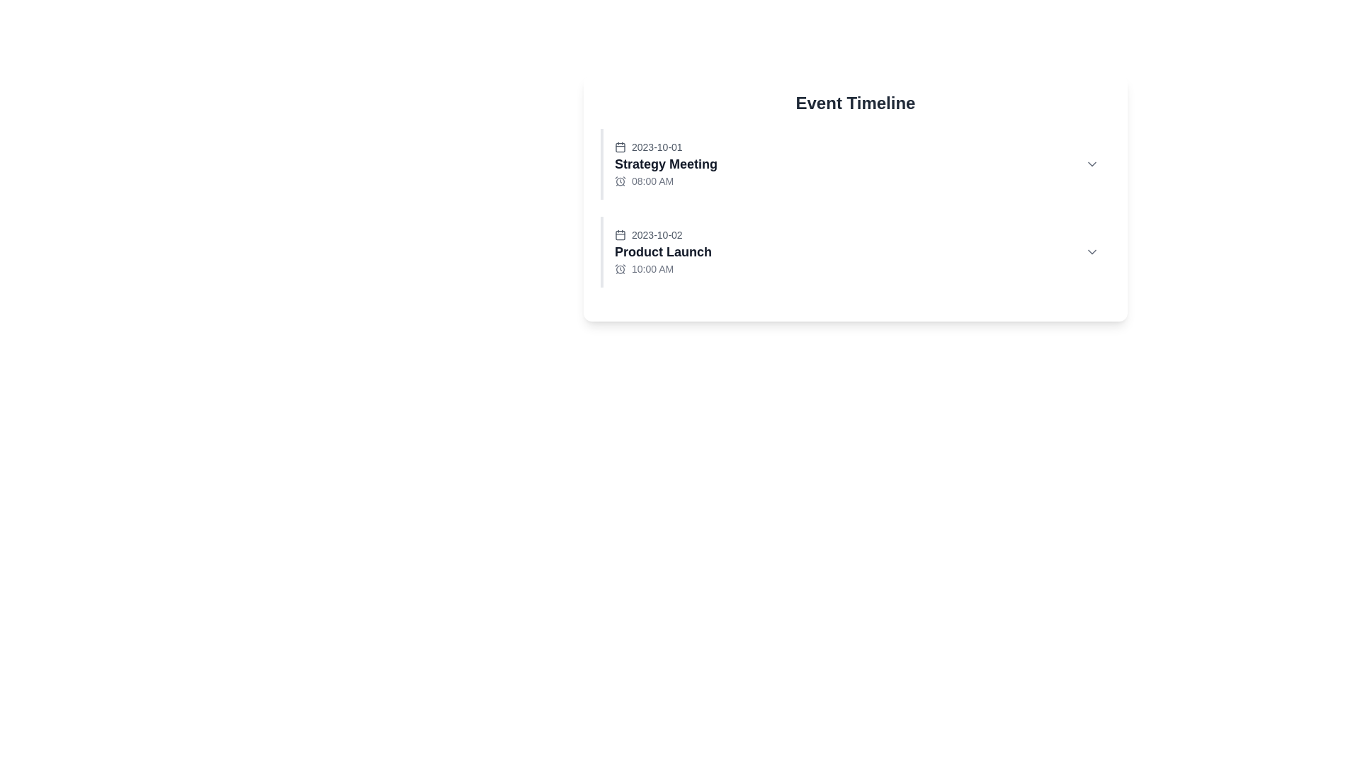  I want to click on the Information row displaying details about the second listed event in the vertical timeline layout, located under the 'Strategy Meeting' entry, so click(856, 251).